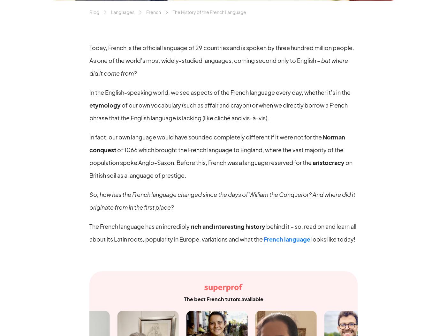  What do you see at coordinates (222, 53) in the screenshot?
I see `'Today, French is the official language of 29 countries and is spoken by three hundred million people. As one of the world’s most widely-studied languages, coming second only to English –'` at bounding box center [222, 53].